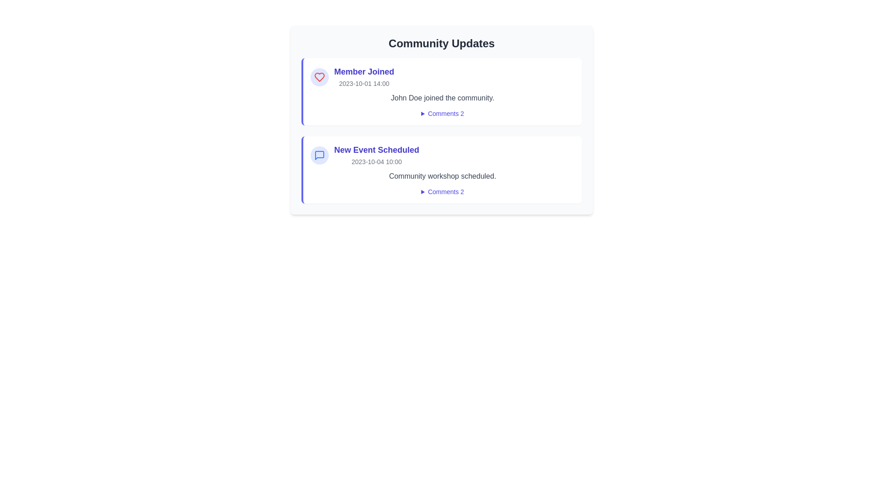 The height and width of the screenshot is (491, 873). Describe the element at coordinates (442, 98) in the screenshot. I see `the static text label that reads 'John Doe joined the community.' located in the first card under the 'Community Updates' section` at that location.